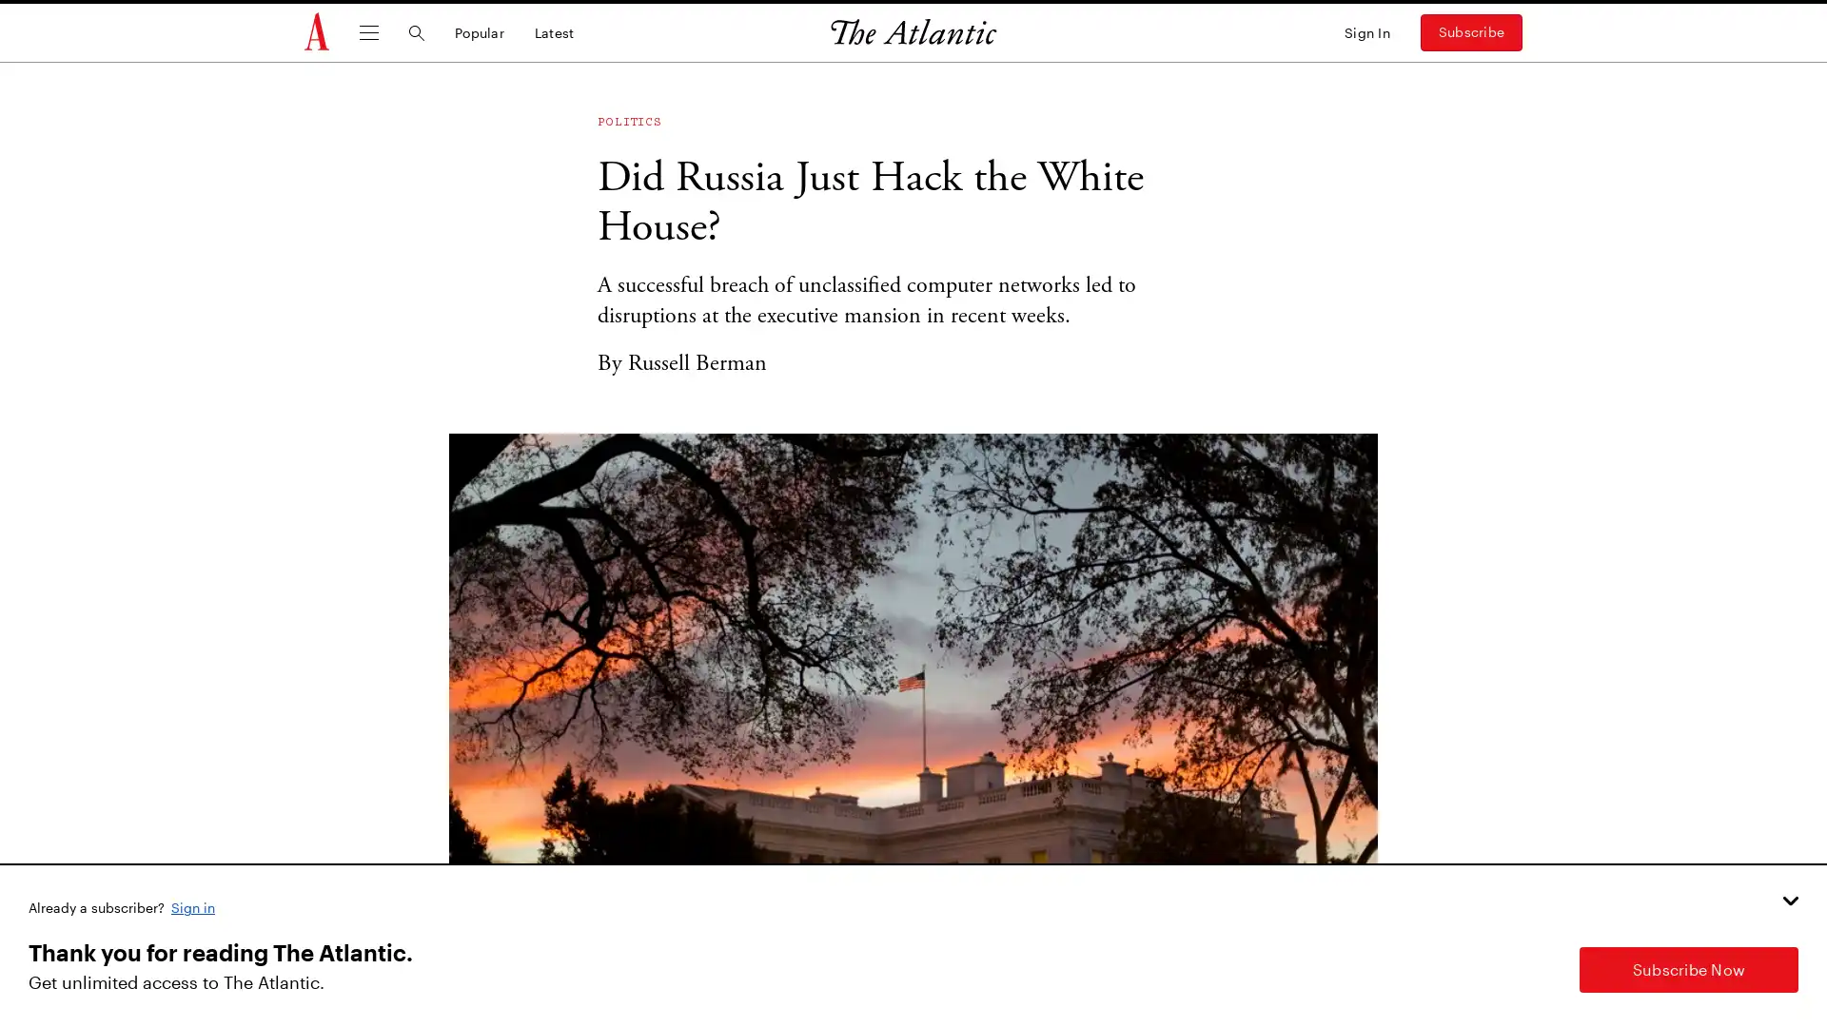 The image size is (1827, 1027). Describe the element at coordinates (1789, 900) in the screenshot. I see `Hide subscription information` at that location.